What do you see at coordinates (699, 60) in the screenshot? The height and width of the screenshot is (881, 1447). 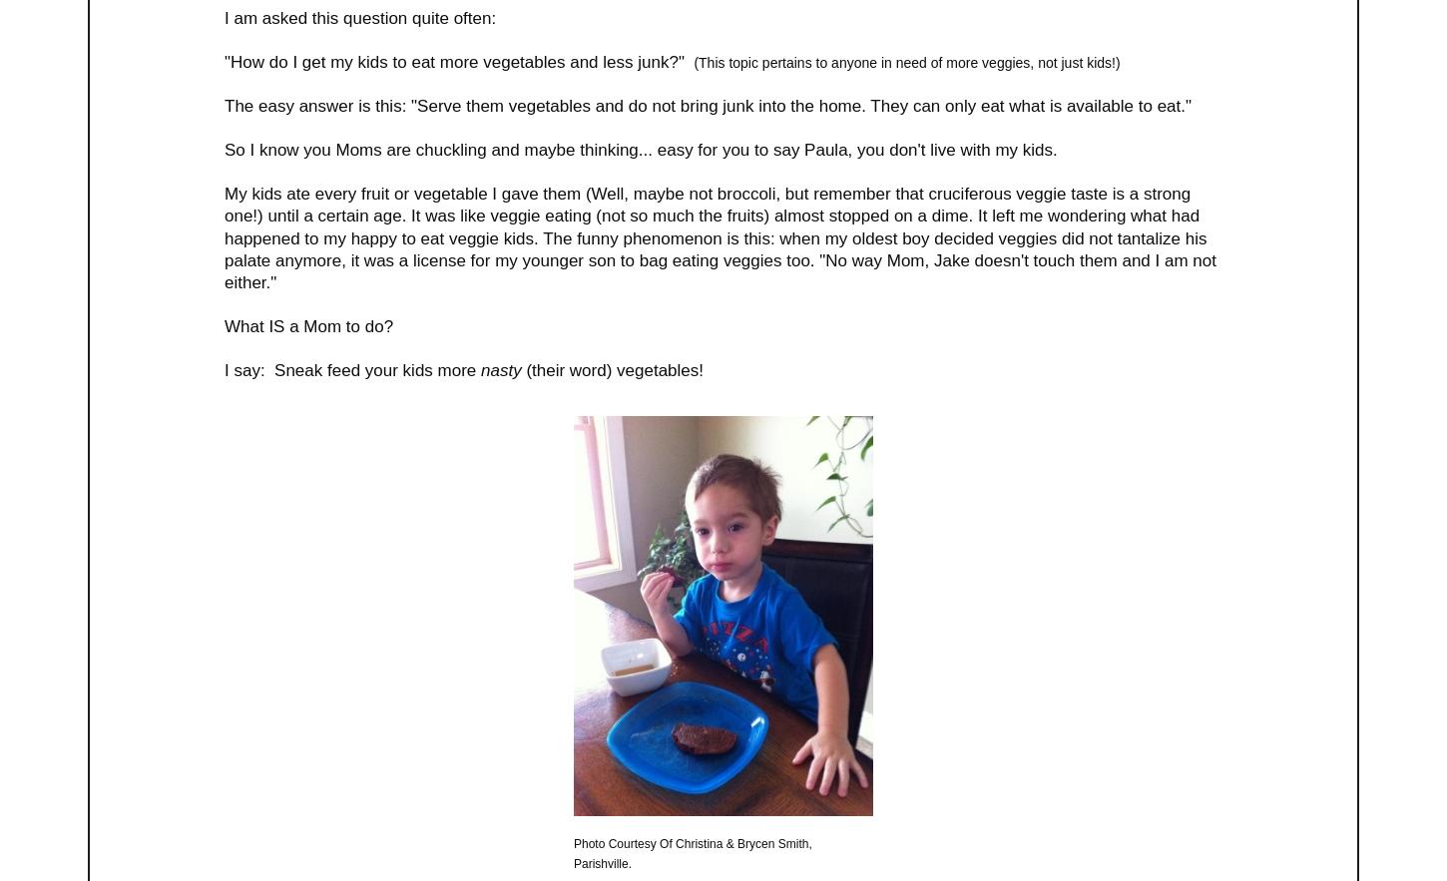 I see `'(T'` at bounding box center [699, 60].